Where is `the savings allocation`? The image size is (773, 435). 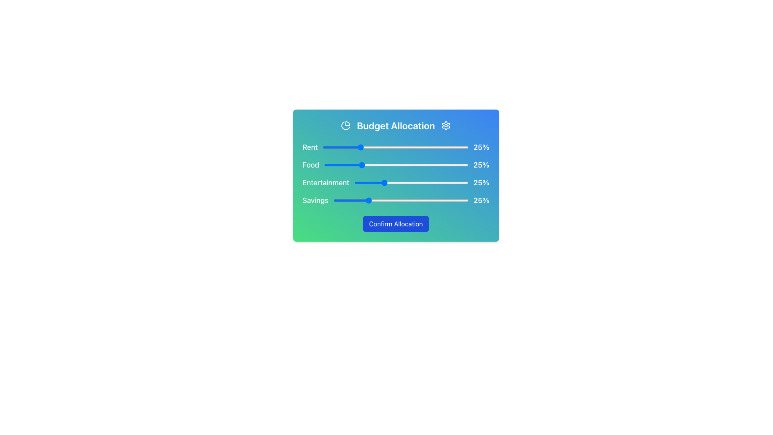 the savings allocation is located at coordinates (346, 200).